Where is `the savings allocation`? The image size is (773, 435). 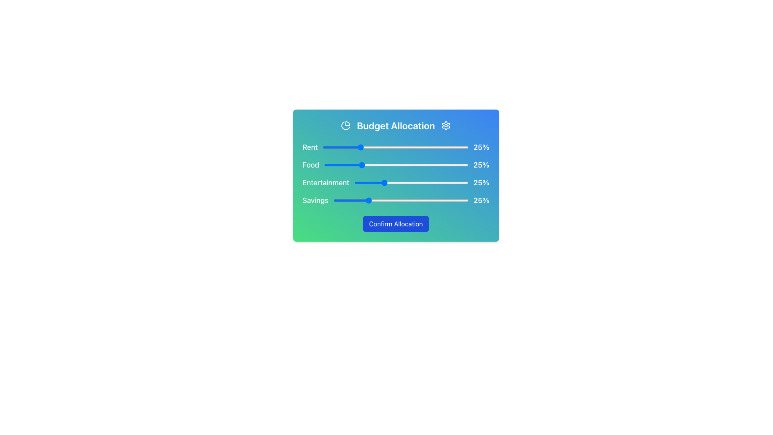 the savings allocation is located at coordinates (346, 200).